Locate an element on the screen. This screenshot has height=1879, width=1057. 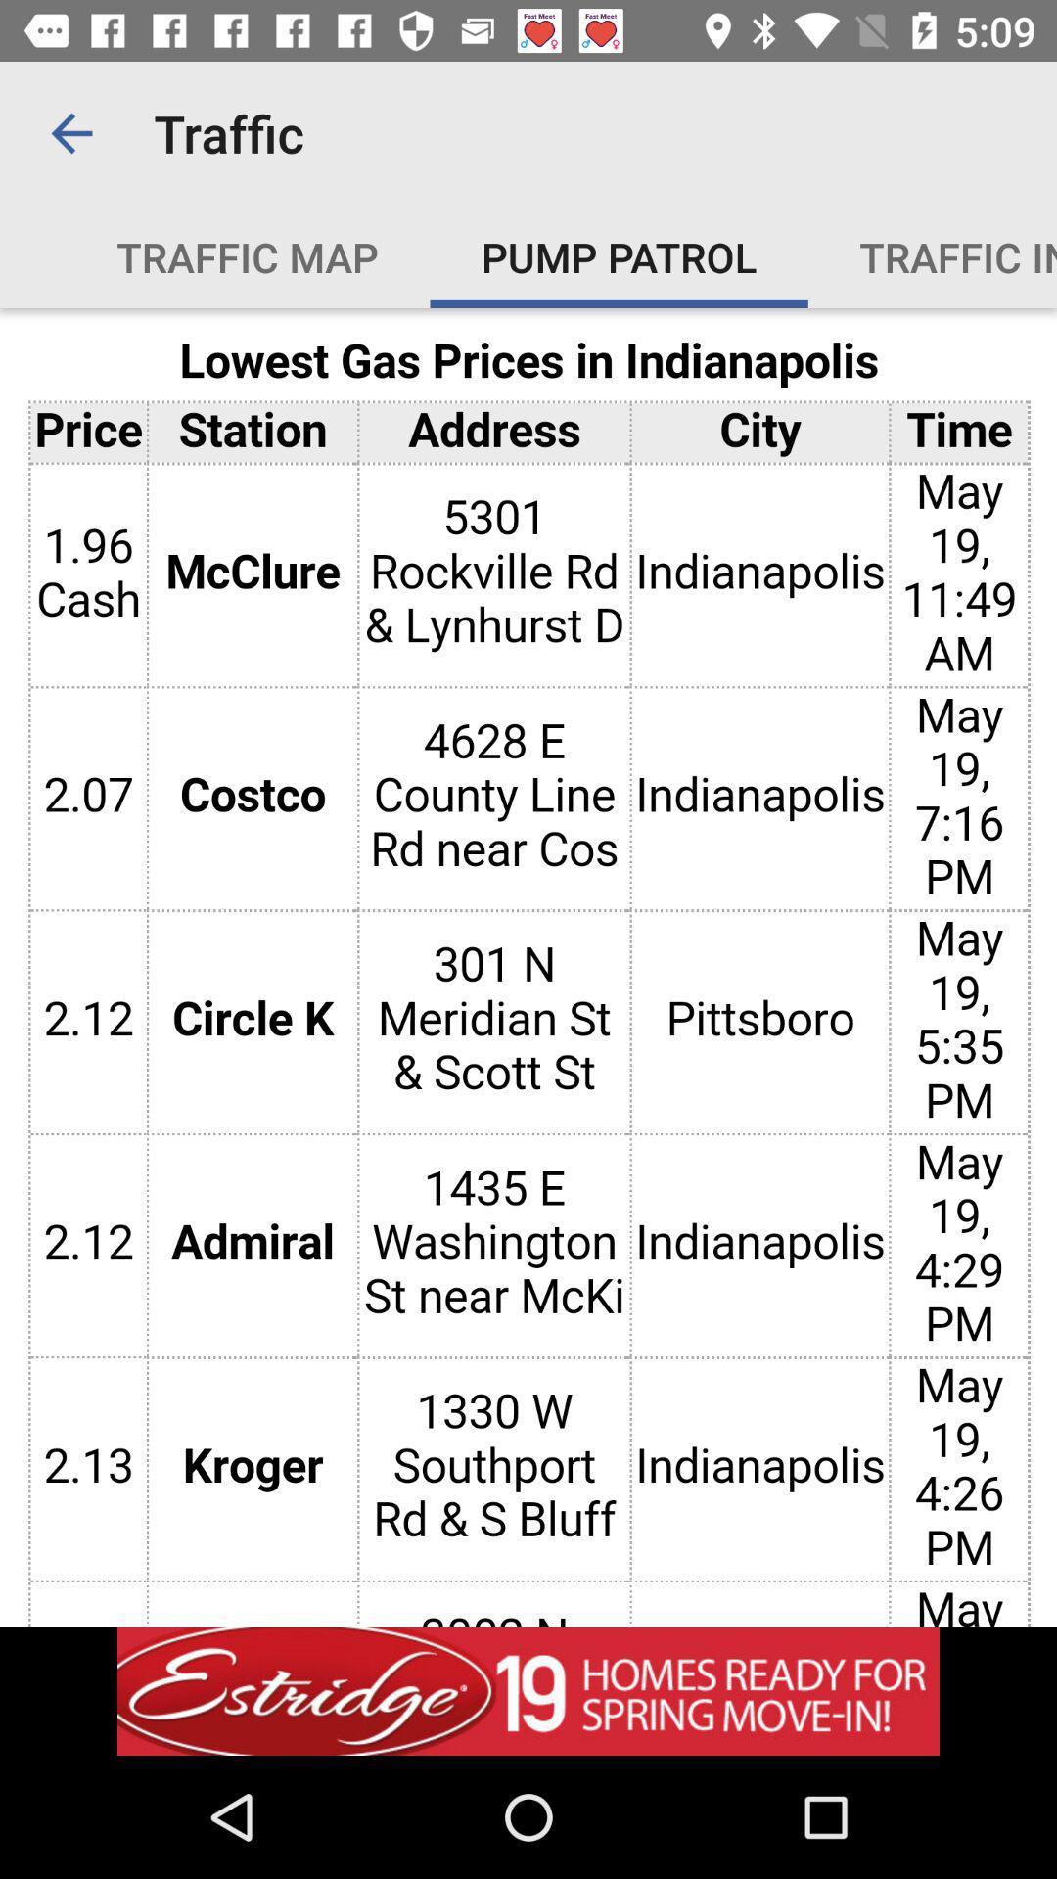
advertisement page is located at coordinates (528, 1690).